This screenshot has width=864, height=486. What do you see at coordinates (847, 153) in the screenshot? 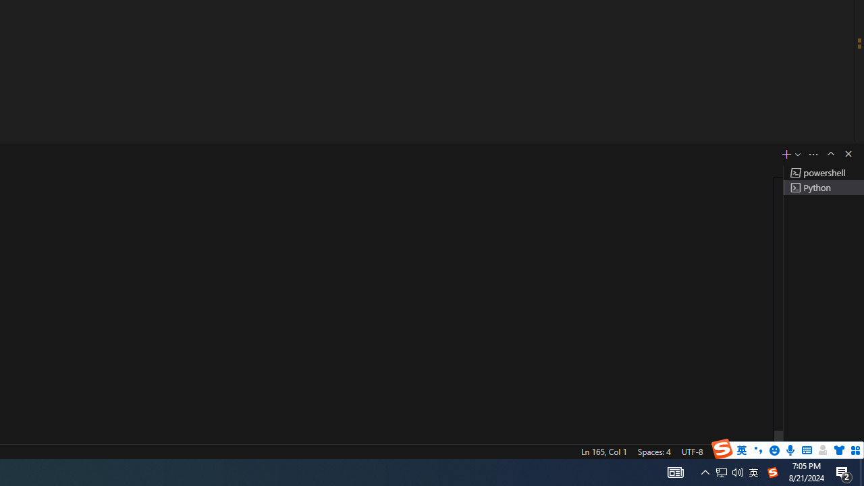
I see `'Hide Panel'` at bounding box center [847, 153].